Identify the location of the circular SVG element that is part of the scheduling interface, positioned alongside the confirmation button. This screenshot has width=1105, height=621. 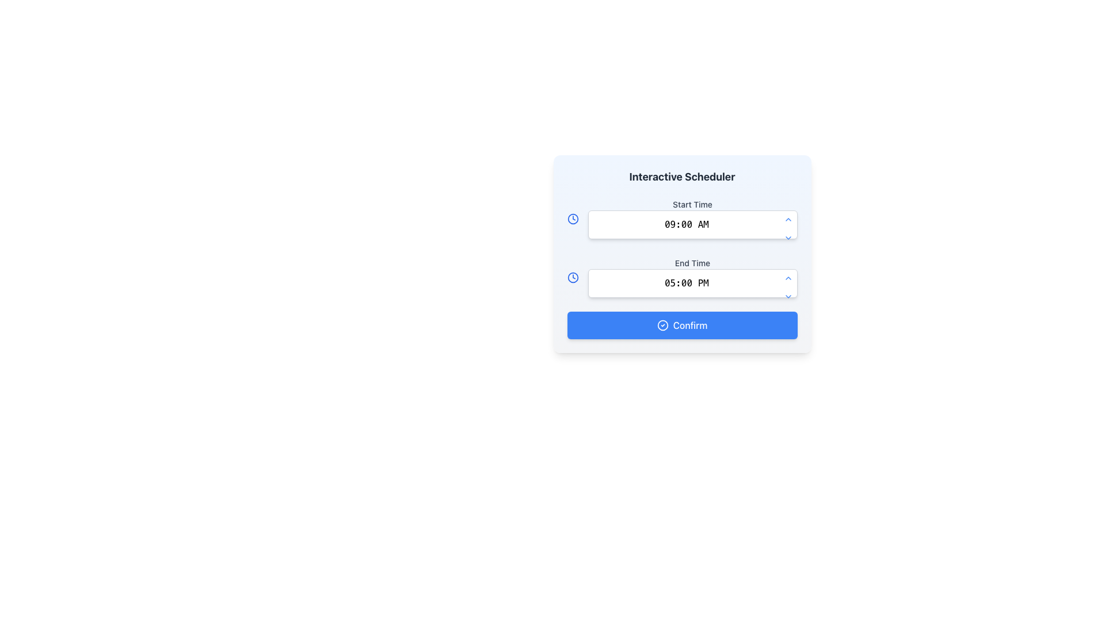
(662, 325).